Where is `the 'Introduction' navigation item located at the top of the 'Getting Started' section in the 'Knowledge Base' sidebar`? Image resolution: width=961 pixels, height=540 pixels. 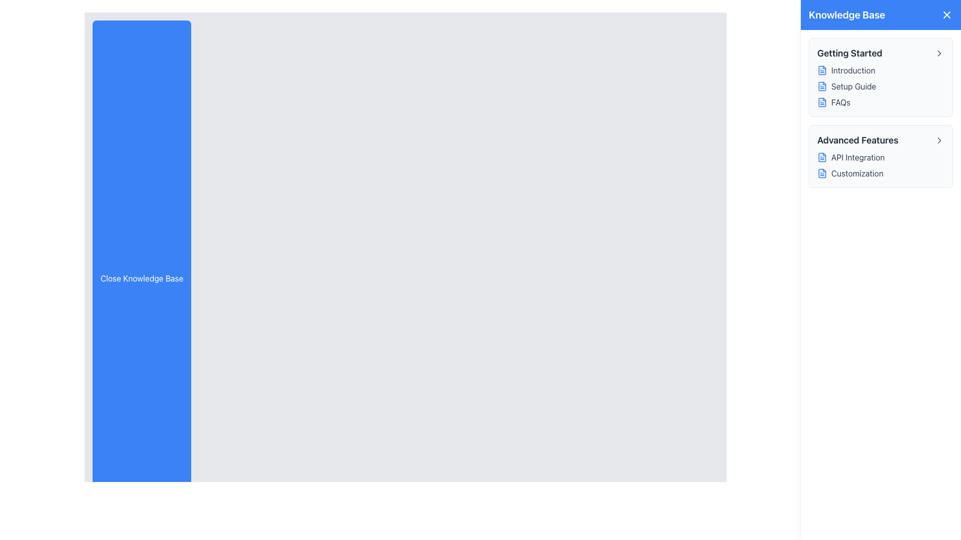 the 'Introduction' navigation item located at the top of the 'Getting Started' section in the 'Knowledge Base' sidebar is located at coordinates (881, 70).